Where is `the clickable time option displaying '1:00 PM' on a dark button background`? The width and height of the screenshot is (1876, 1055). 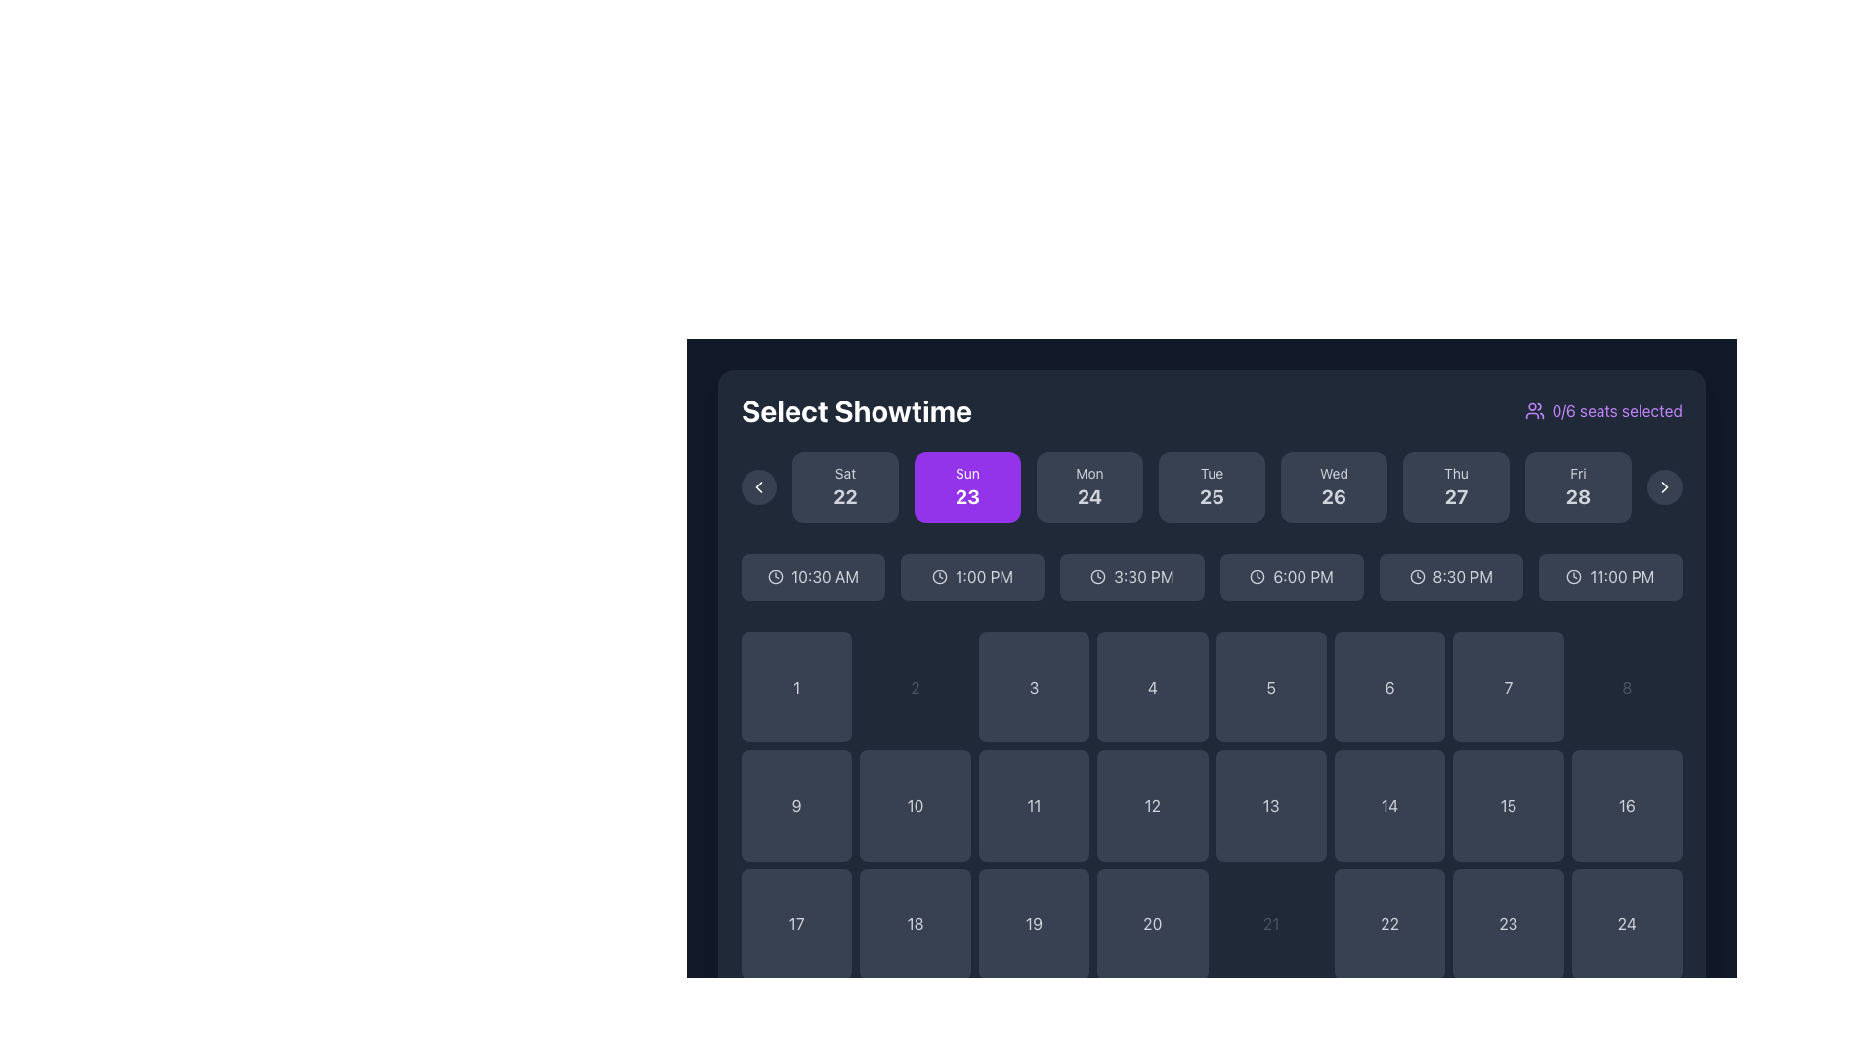 the clickable time option displaying '1:00 PM' on a dark button background is located at coordinates (984, 575).